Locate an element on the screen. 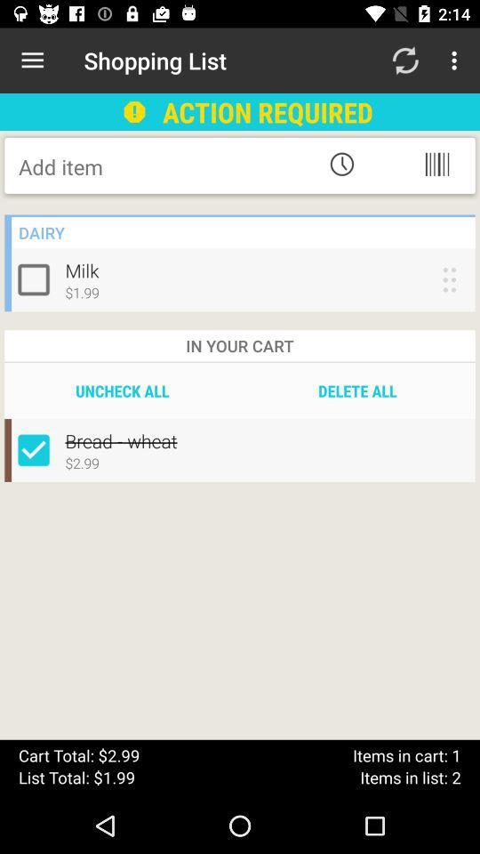 The height and width of the screenshot is (854, 480). this clock is located at coordinates (341, 164).